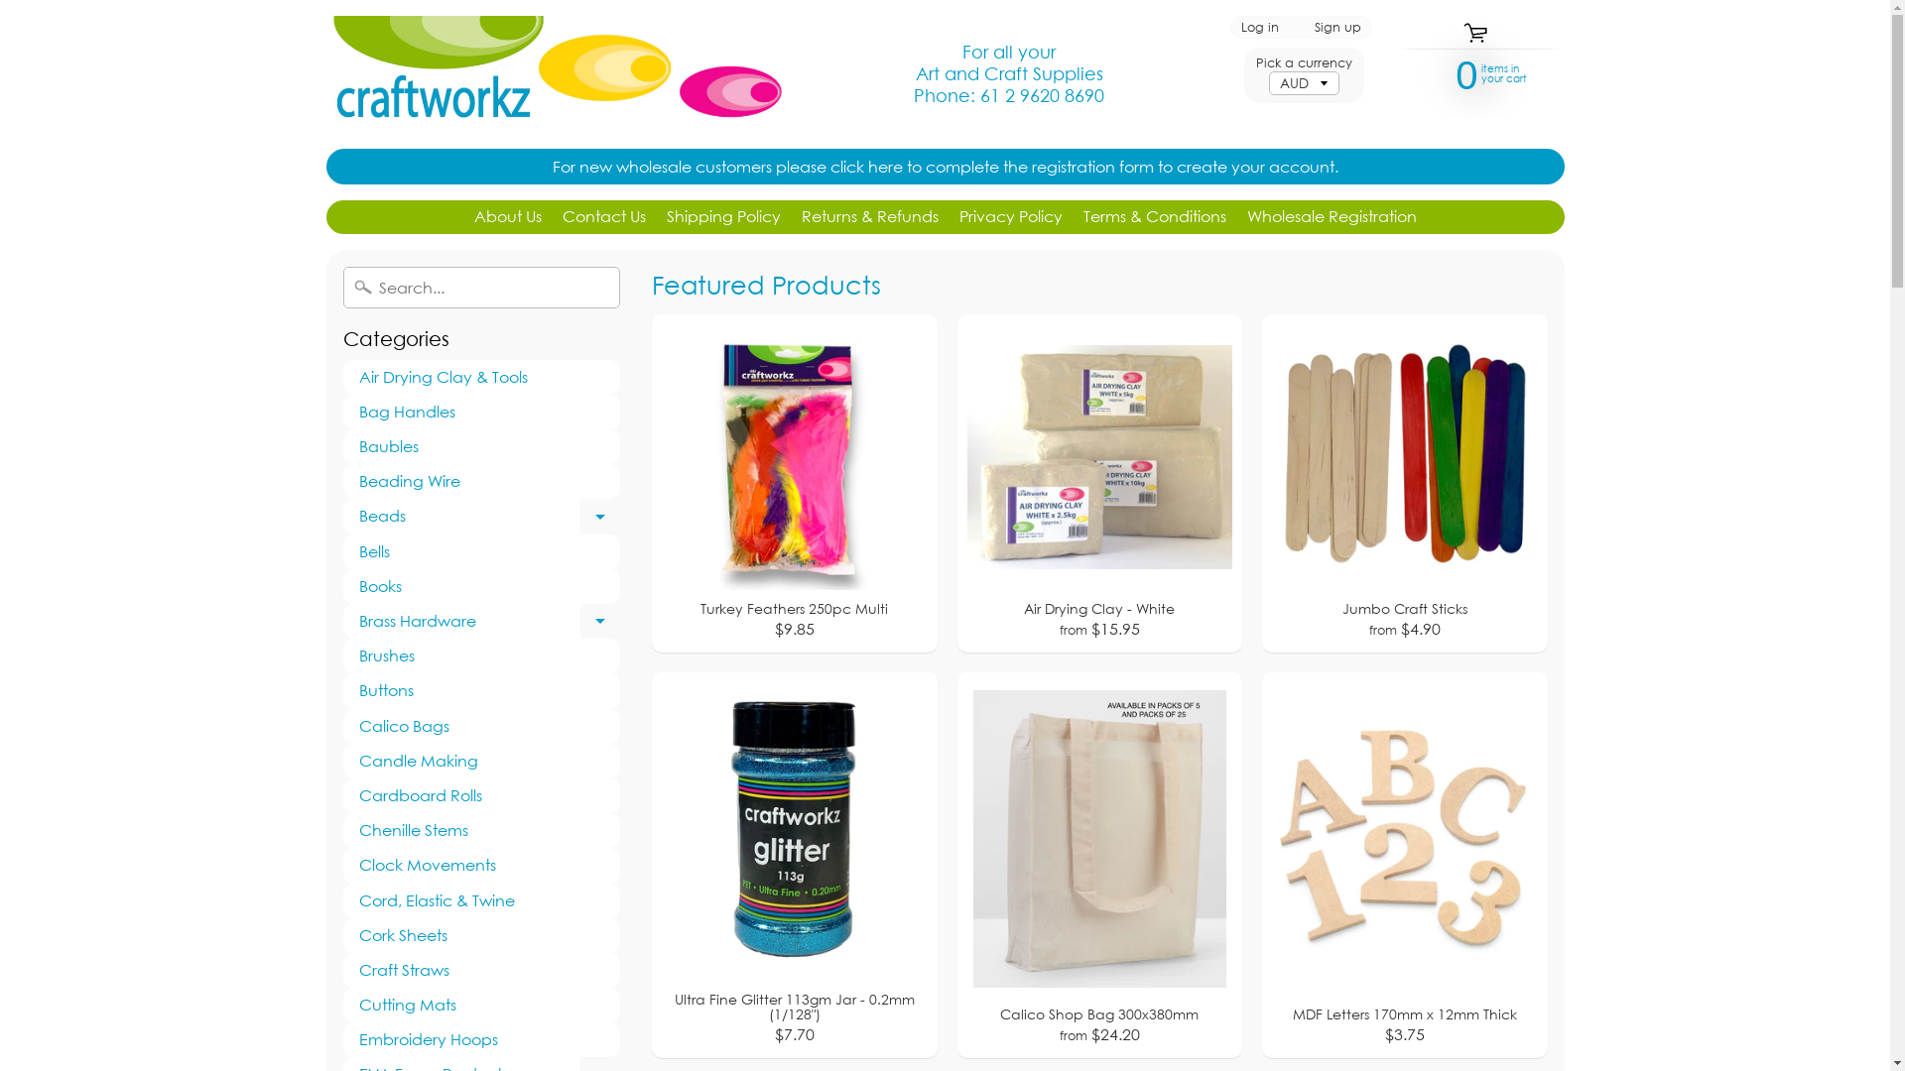 The image size is (1905, 1071). Describe the element at coordinates (1305, 27) in the screenshot. I see `'Sign up'` at that location.